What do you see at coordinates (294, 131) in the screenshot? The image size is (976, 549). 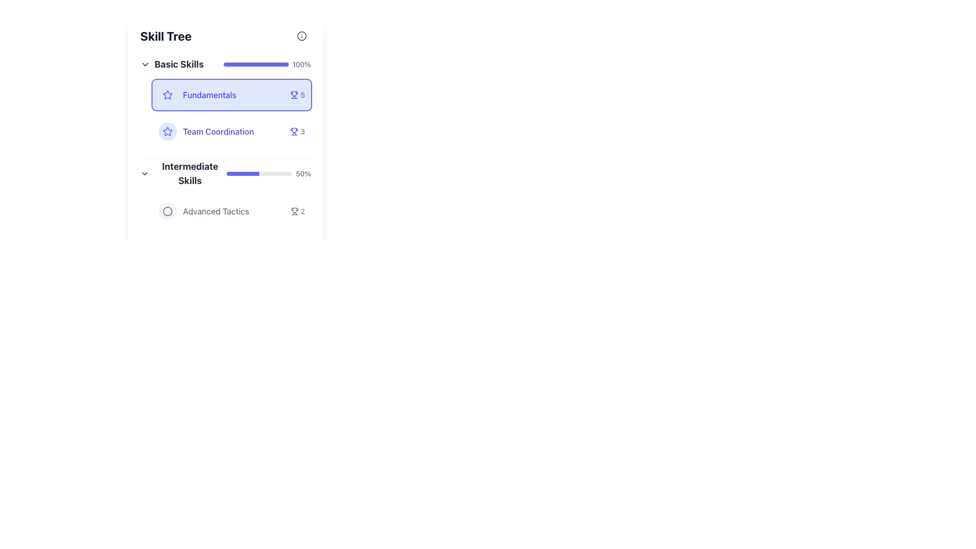 I see `the status of the trophy icon representing achievements for the 'Team Coordination' skill, located between the skill name and the number '3'` at bounding box center [294, 131].